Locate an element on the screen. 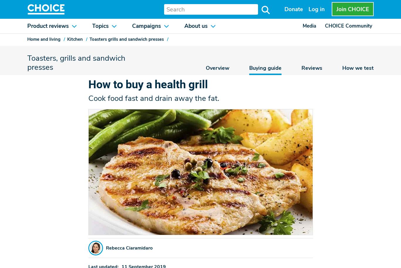  'Join' is located at coordinates (341, 9).